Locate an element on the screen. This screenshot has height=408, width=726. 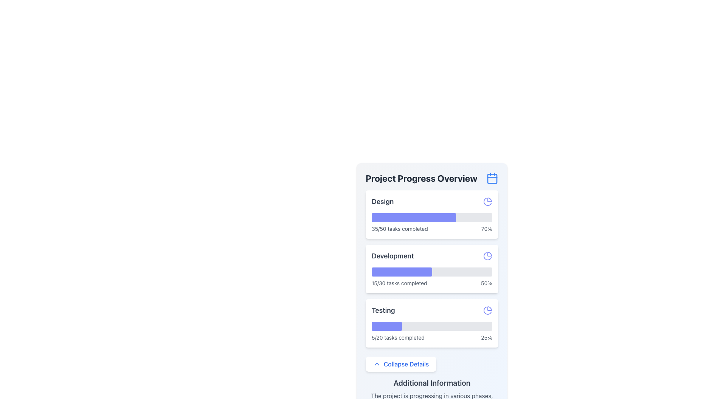
the pie chart icon located in the 'Design' category section of the project progress overview, which is aligned to the right side of the row next to the text 'Design' is located at coordinates (488, 201).